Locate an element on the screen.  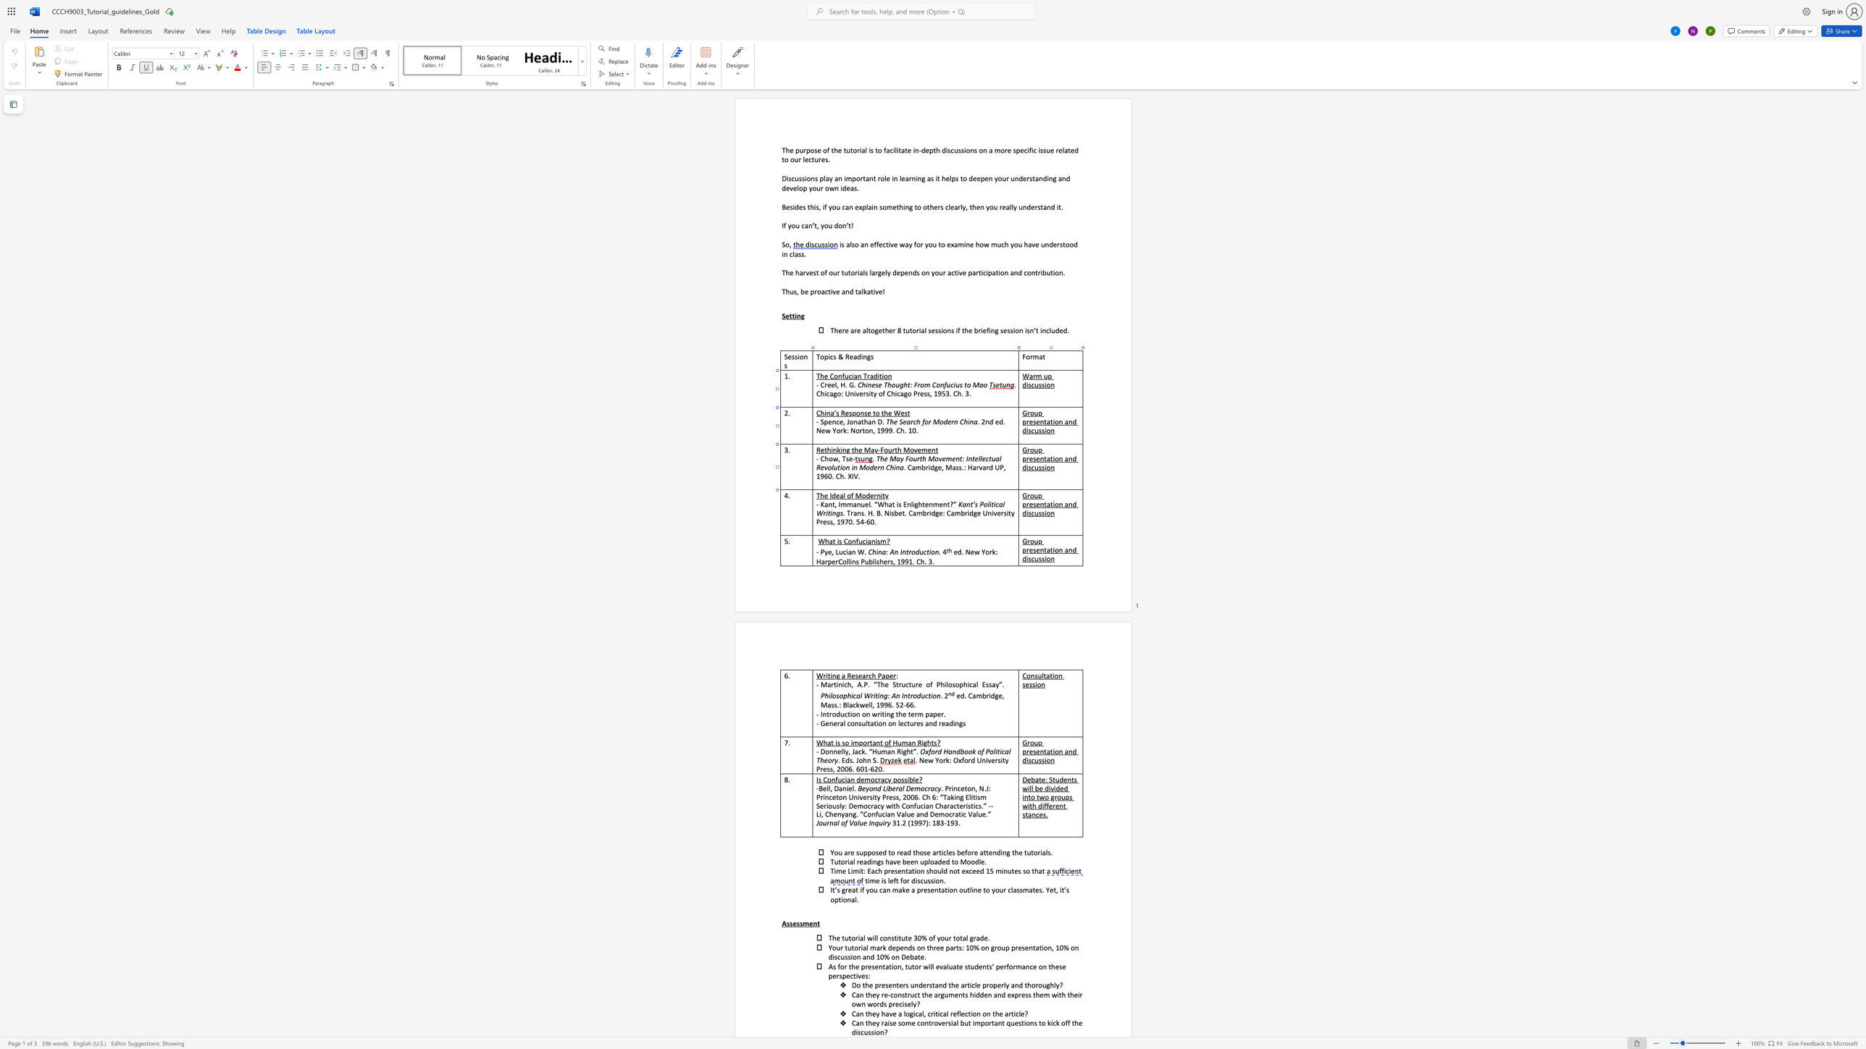
the 1th character "e" in the text is located at coordinates (826, 495).